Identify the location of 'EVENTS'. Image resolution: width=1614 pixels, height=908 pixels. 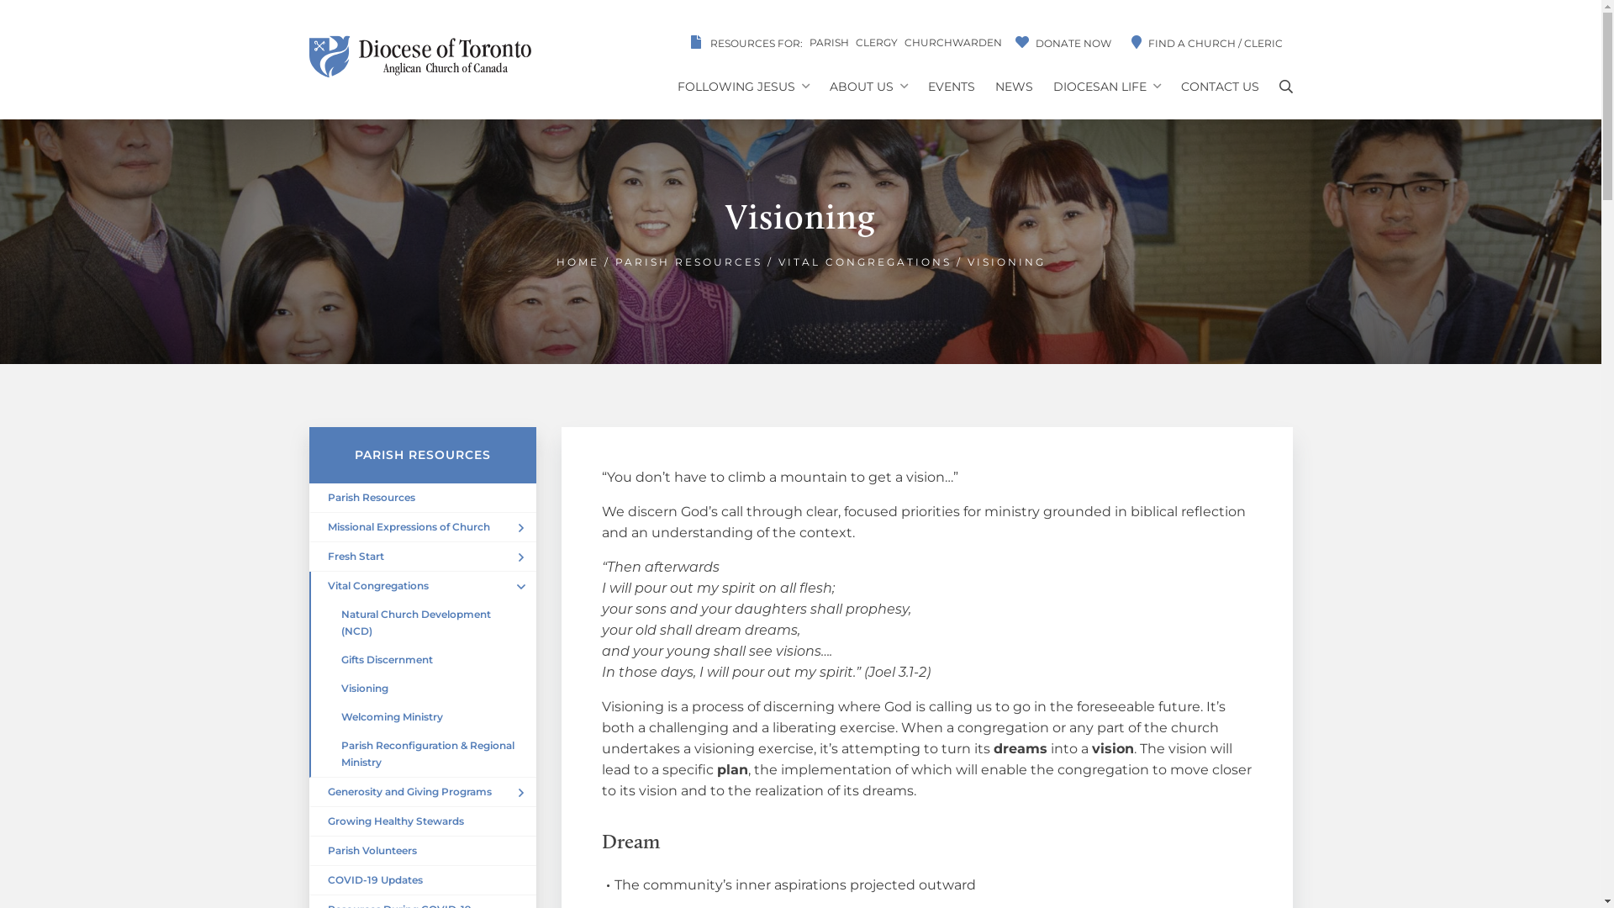
(952, 87).